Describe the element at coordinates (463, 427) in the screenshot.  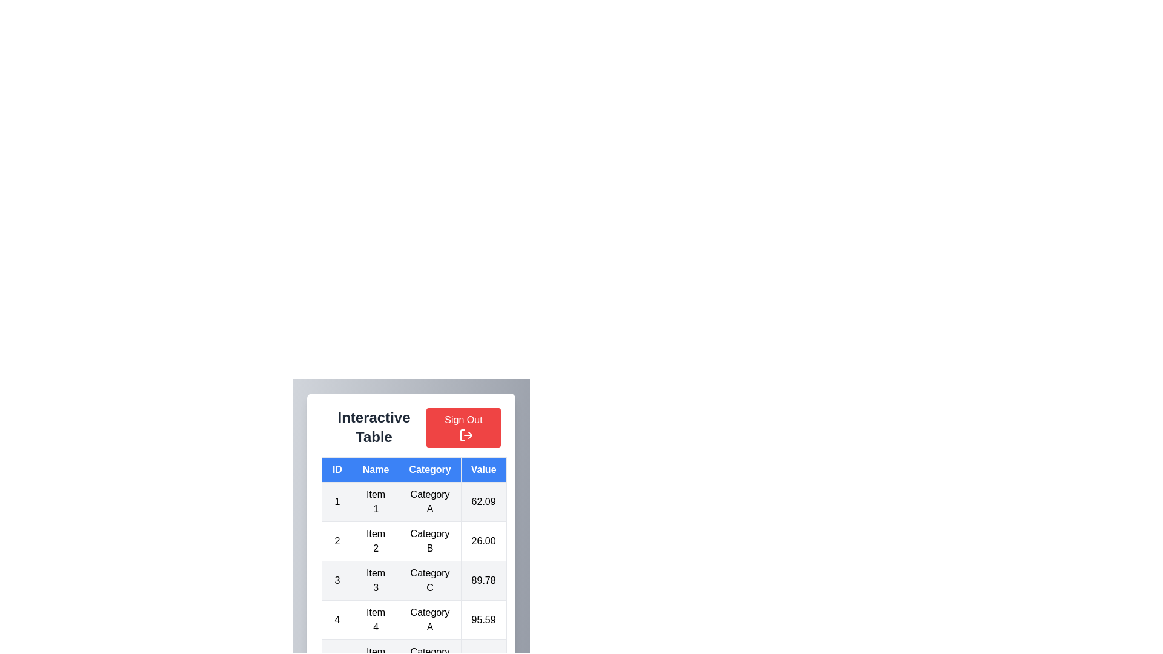
I see `'Sign Out' button` at that location.